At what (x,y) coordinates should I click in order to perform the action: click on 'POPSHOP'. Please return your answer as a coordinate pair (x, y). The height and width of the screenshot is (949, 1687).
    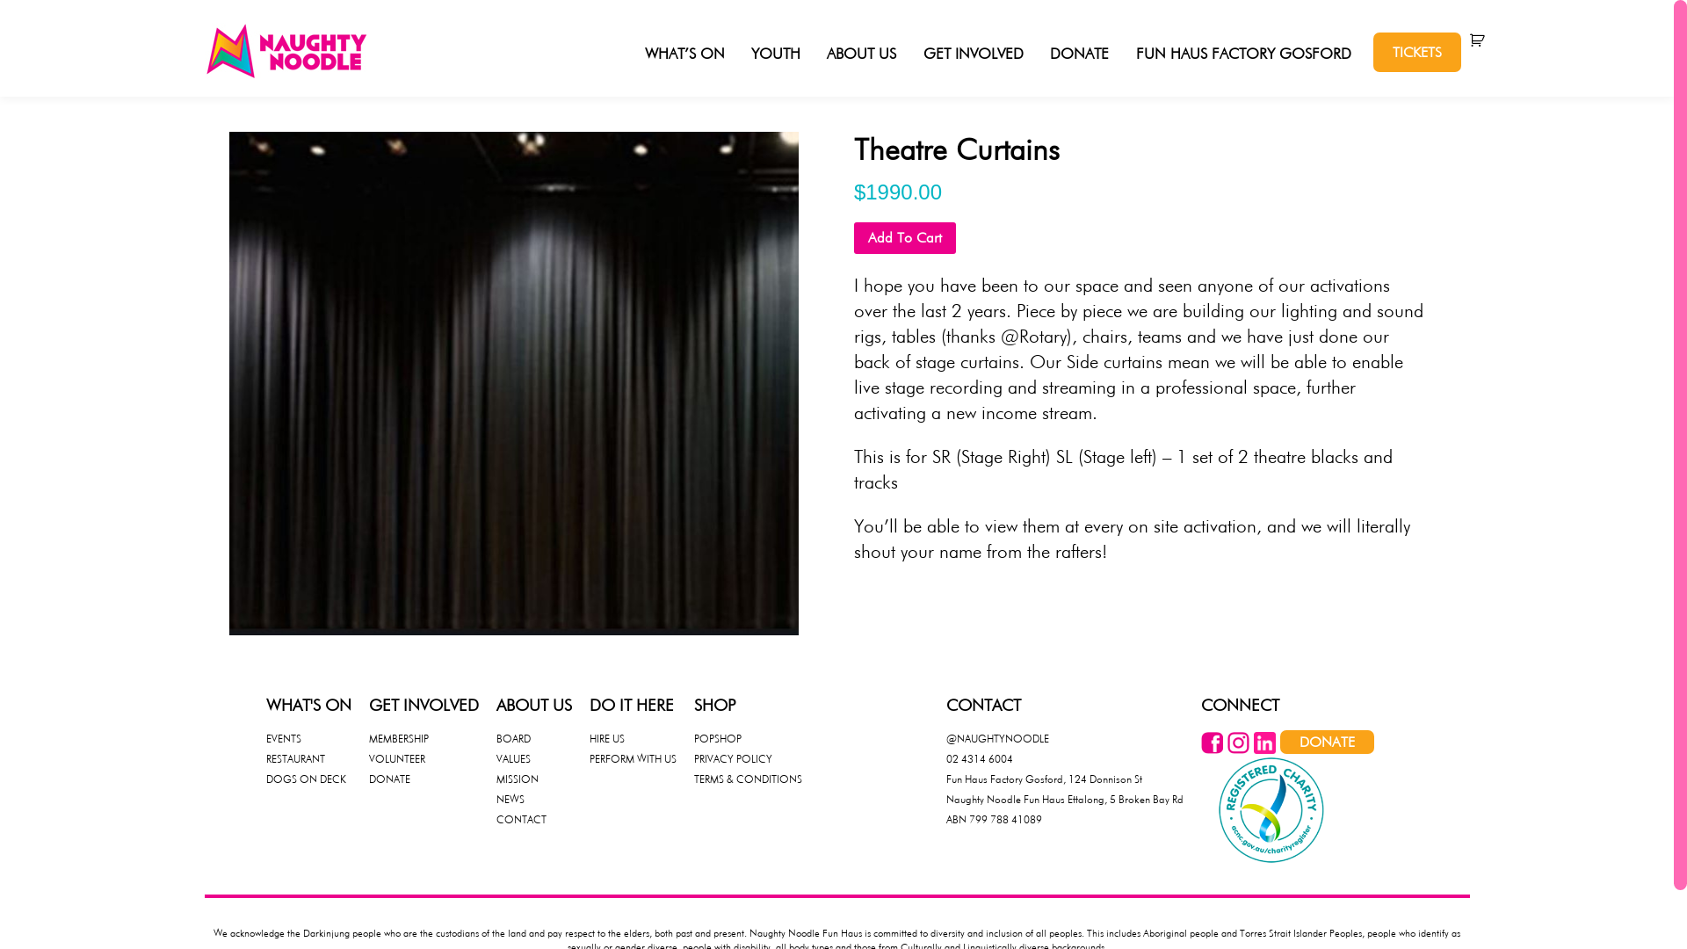
    Looking at the image, I should click on (717, 738).